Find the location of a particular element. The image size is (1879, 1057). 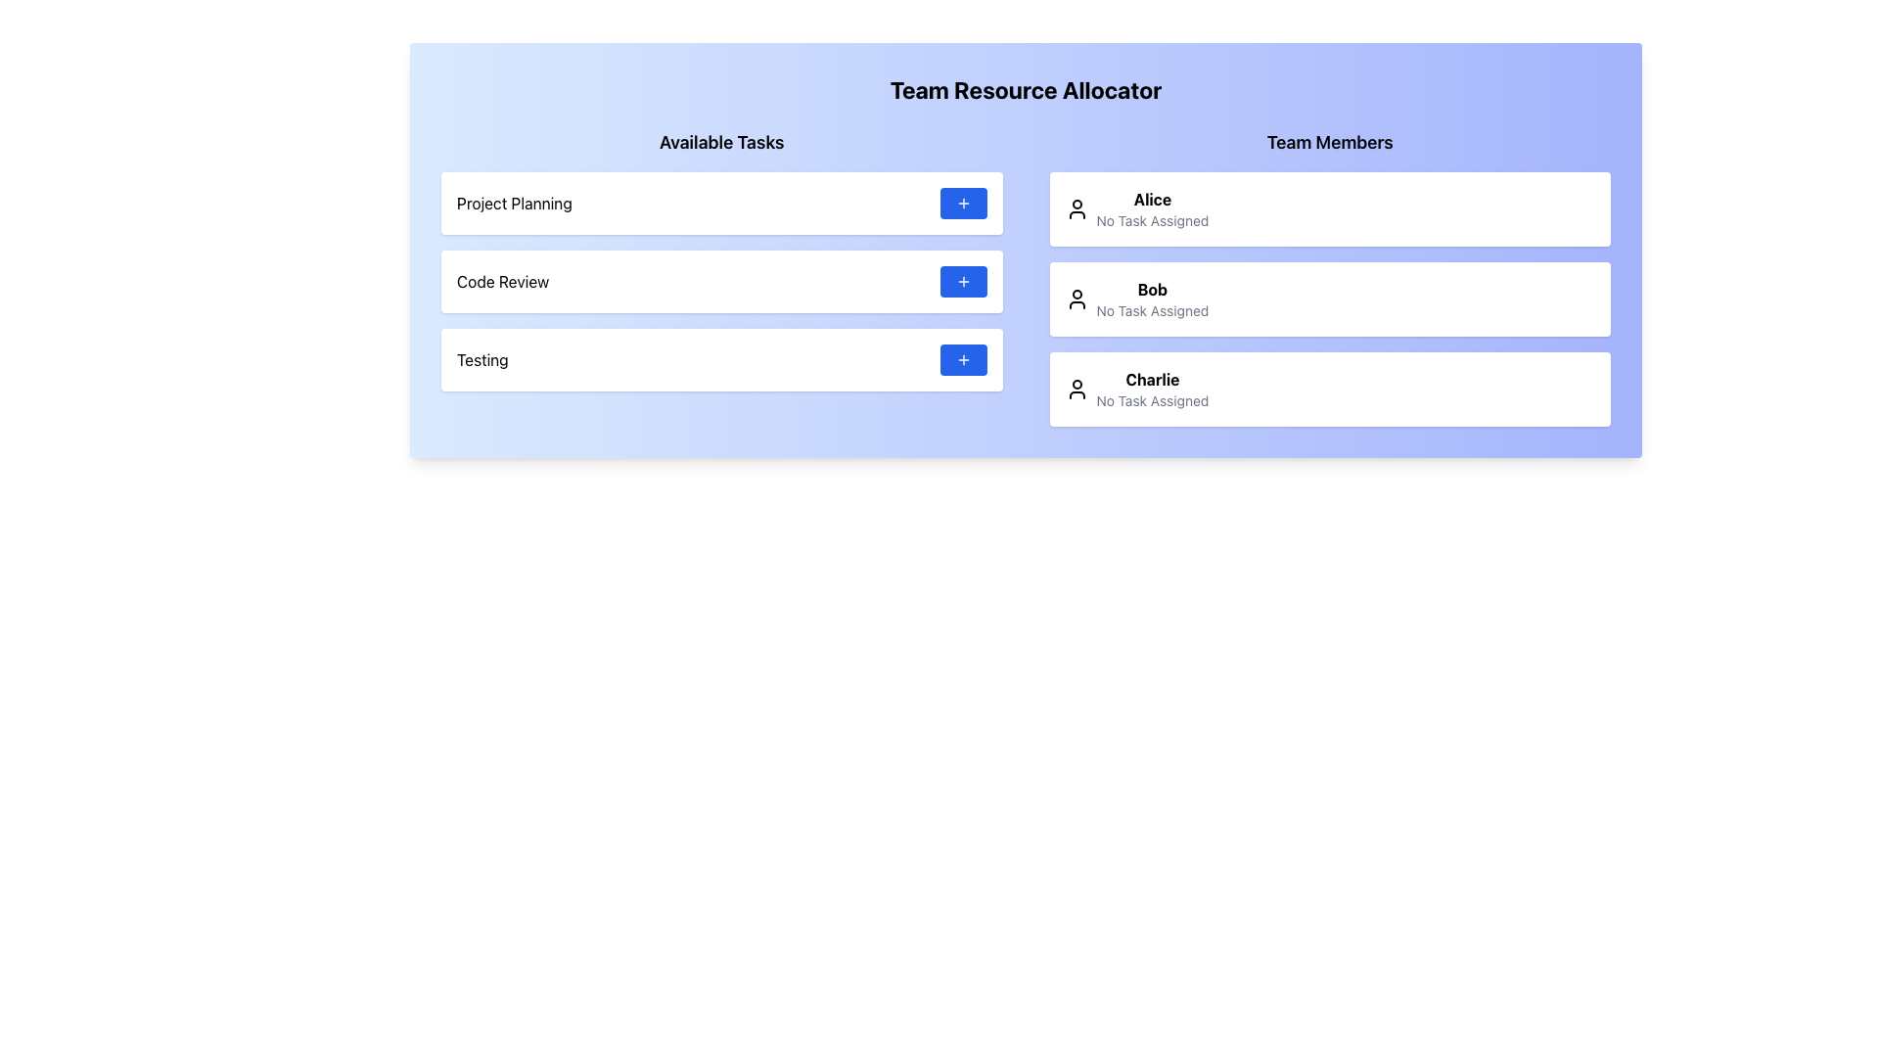

label located at the top right portion of the layout, which serves as a title for the team members' section is located at coordinates (1330, 142).